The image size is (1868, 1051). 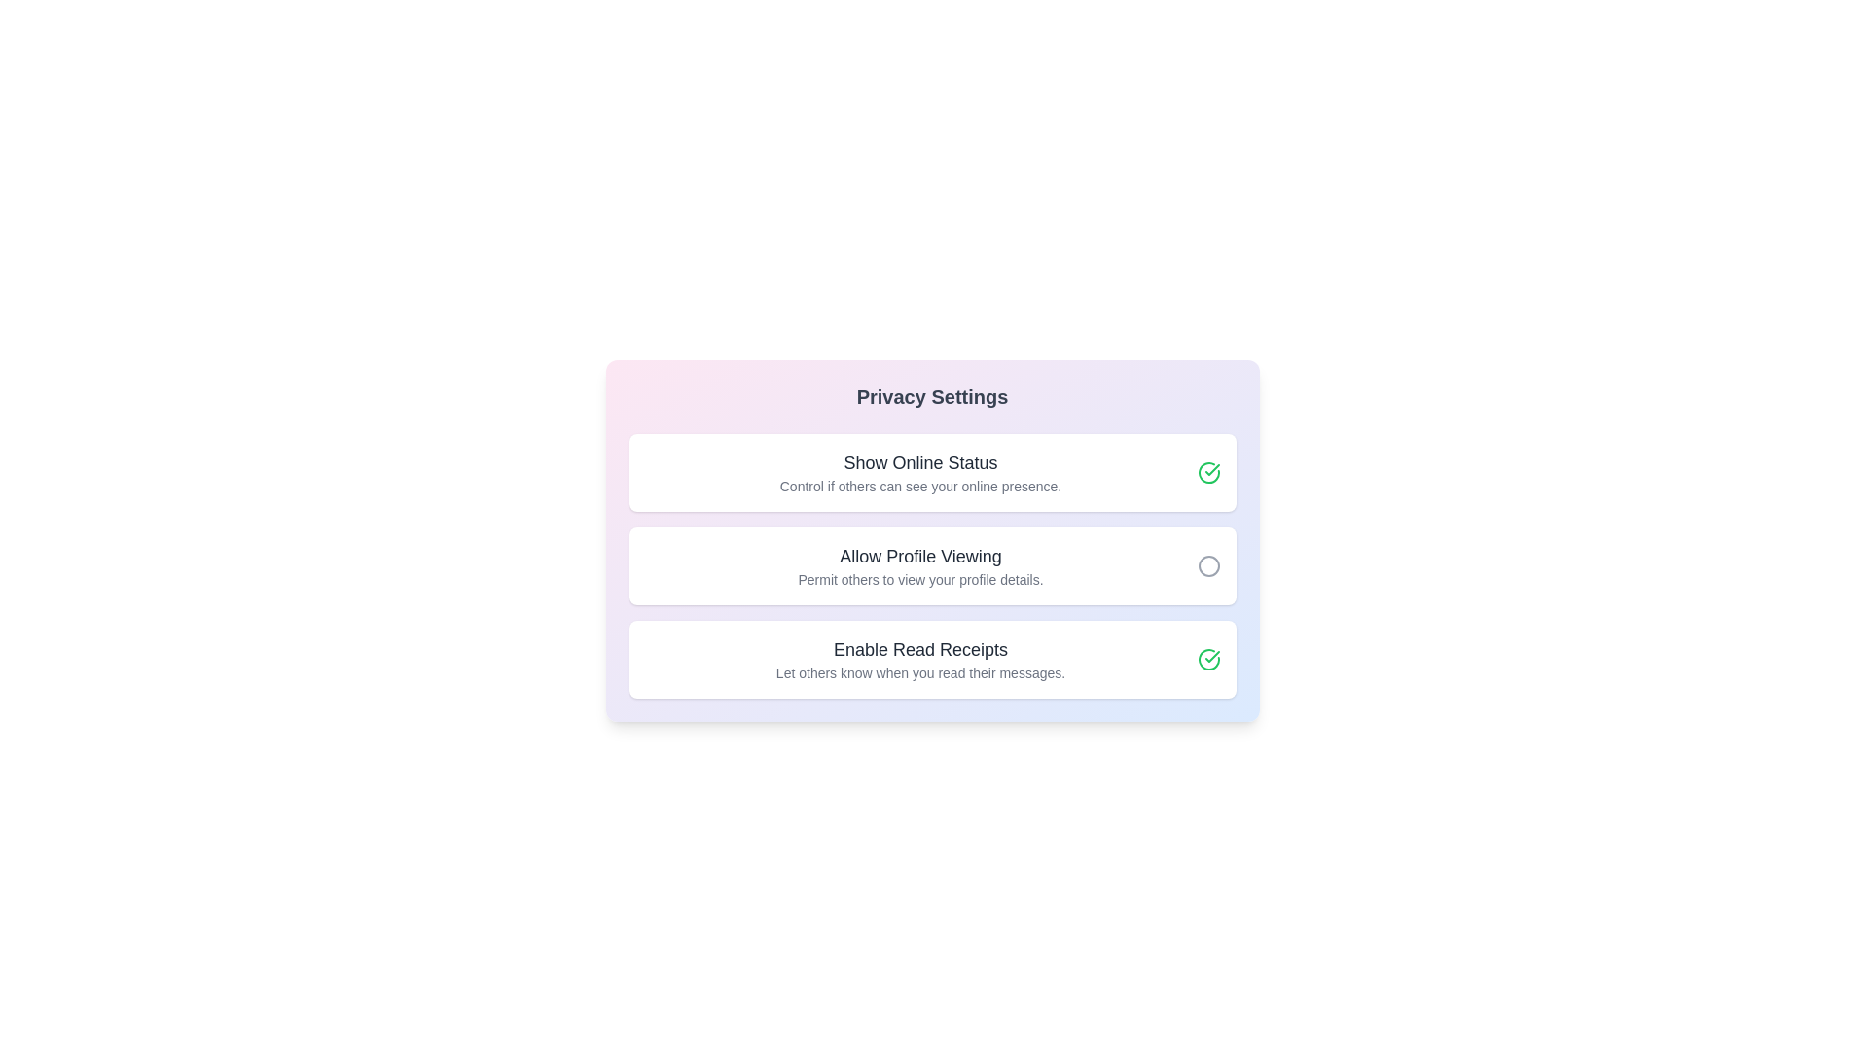 What do you see at coordinates (919, 556) in the screenshot?
I see `the text of the label and description for the option Allow Profile Viewing` at bounding box center [919, 556].